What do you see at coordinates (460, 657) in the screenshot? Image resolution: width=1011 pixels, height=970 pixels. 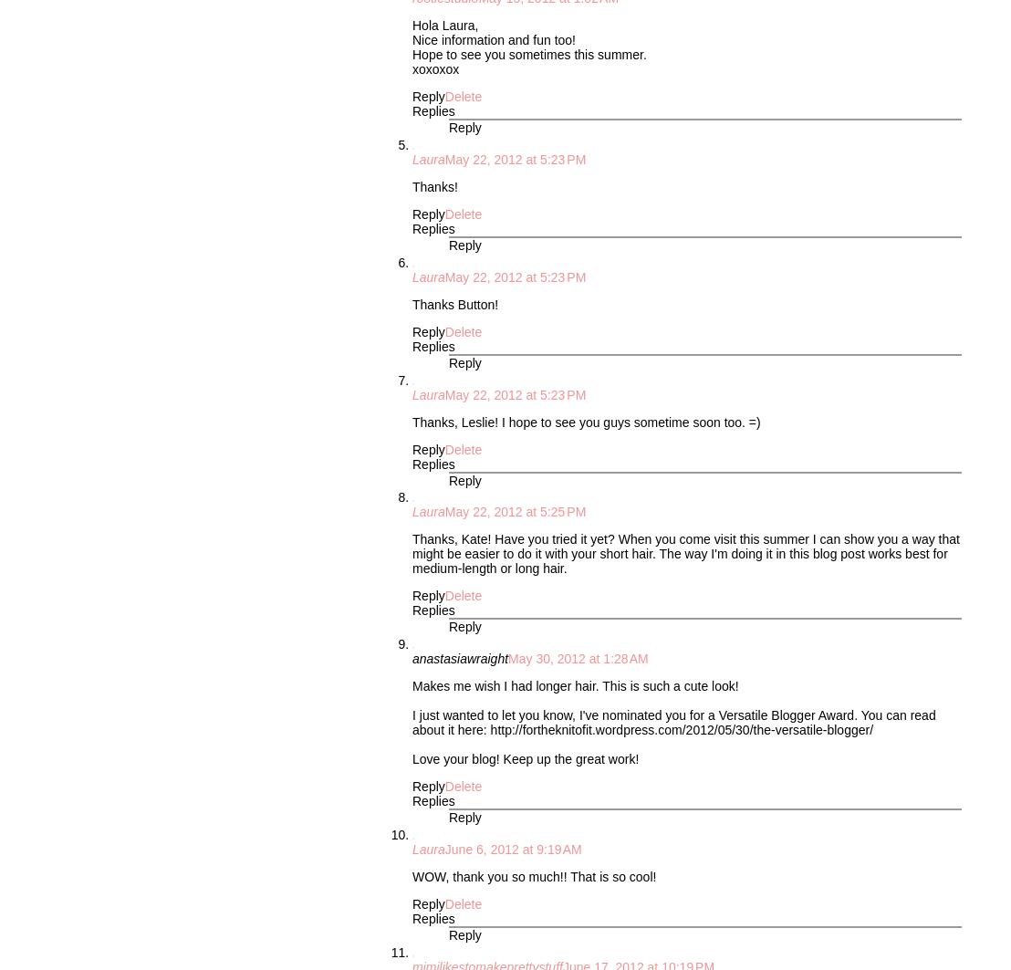 I see `'anastasiawraight'` at bounding box center [460, 657].